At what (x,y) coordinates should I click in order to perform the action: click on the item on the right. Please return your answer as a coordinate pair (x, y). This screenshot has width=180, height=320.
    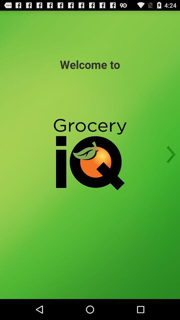
    Looking at the image, I should click on (169, 155).